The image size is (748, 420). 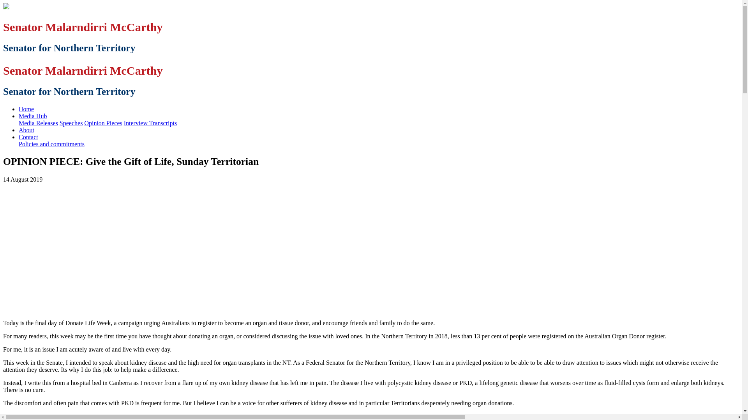 What do you see at coordinates (28, 136) in the screenshot?
I see `'Contact'` at bounding box center [28, 136].